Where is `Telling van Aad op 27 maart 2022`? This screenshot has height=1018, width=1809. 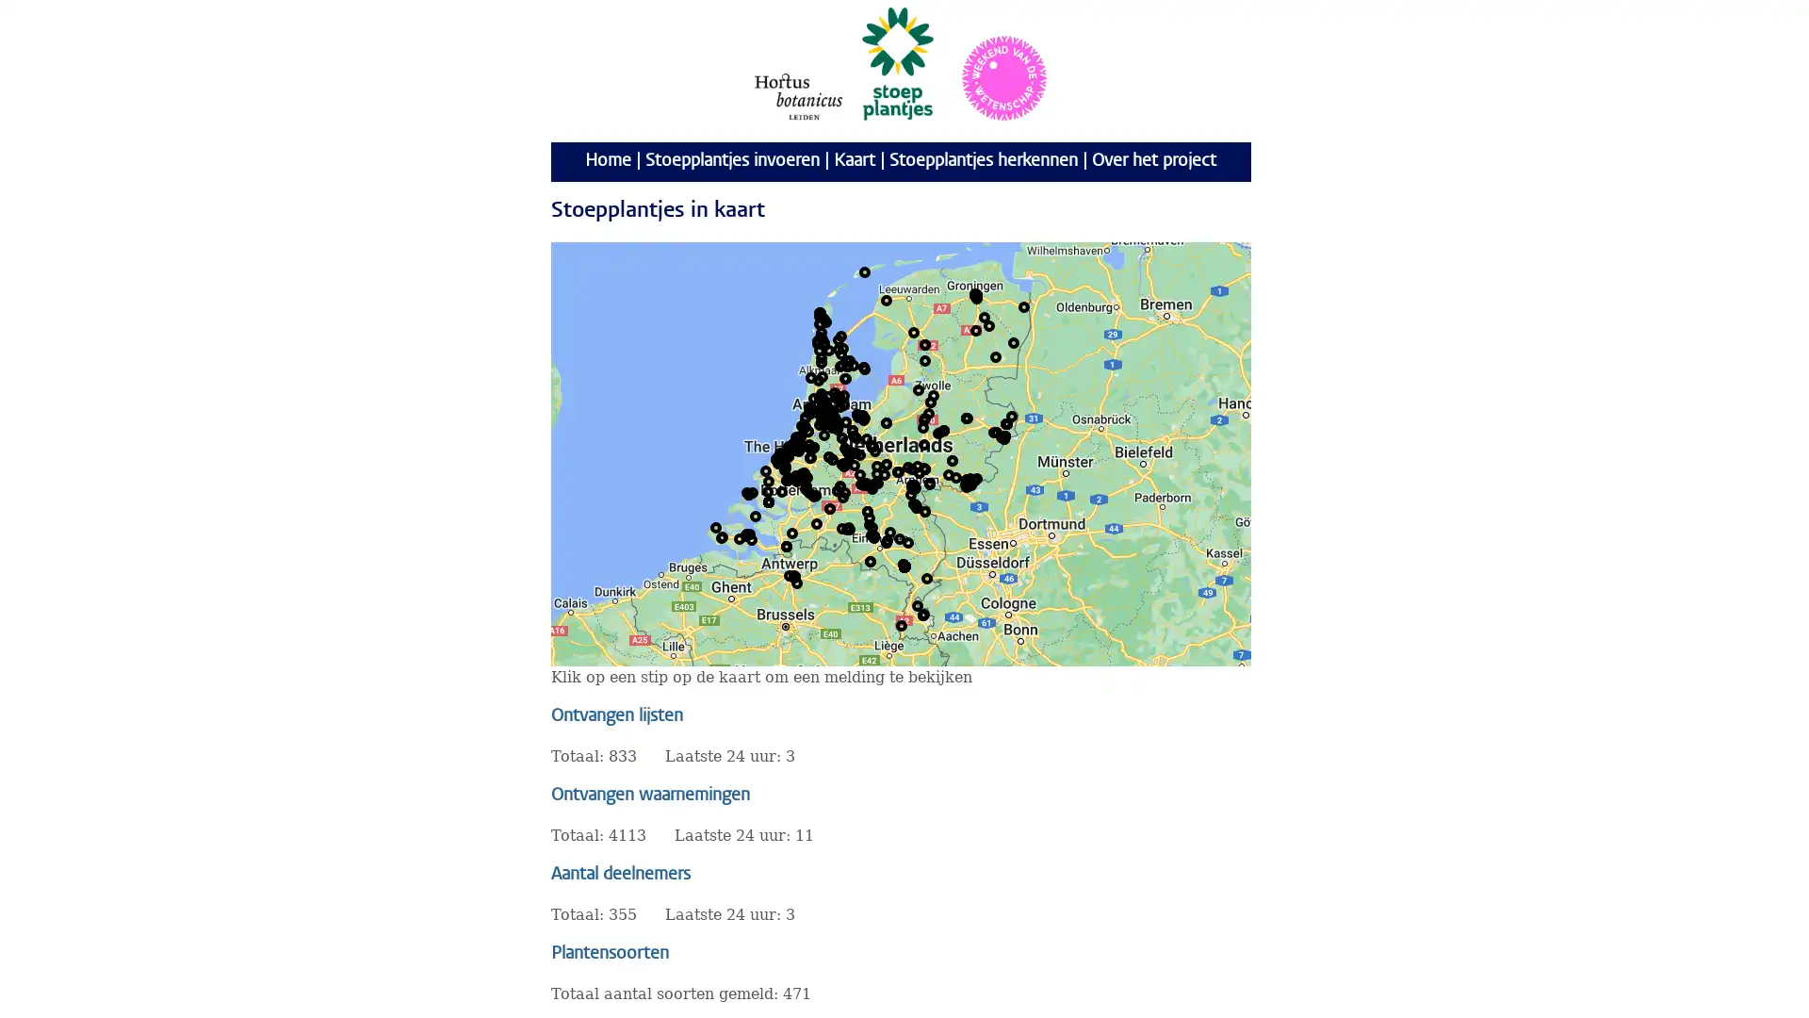 Telling van Aad op 27 maart 2022 is located at coordinates (787, 479).